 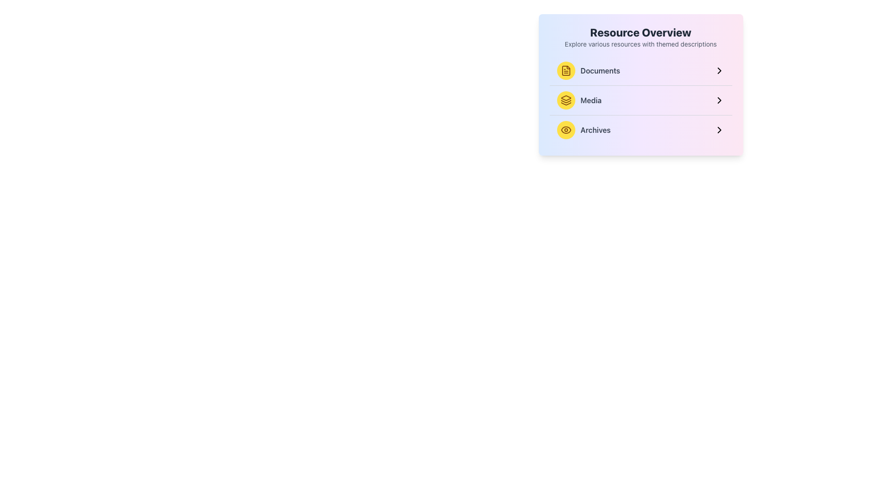 I want to click on the circular icon with a yellow background and a document-like symbol, located to the left of the 'Documents' text in the first row of resource items, so click(x=565, y=70).